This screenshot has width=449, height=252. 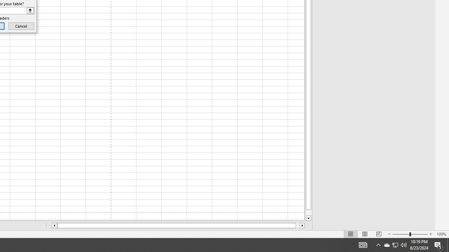 I want to click on 'Page down', so click(x=308, y=212).